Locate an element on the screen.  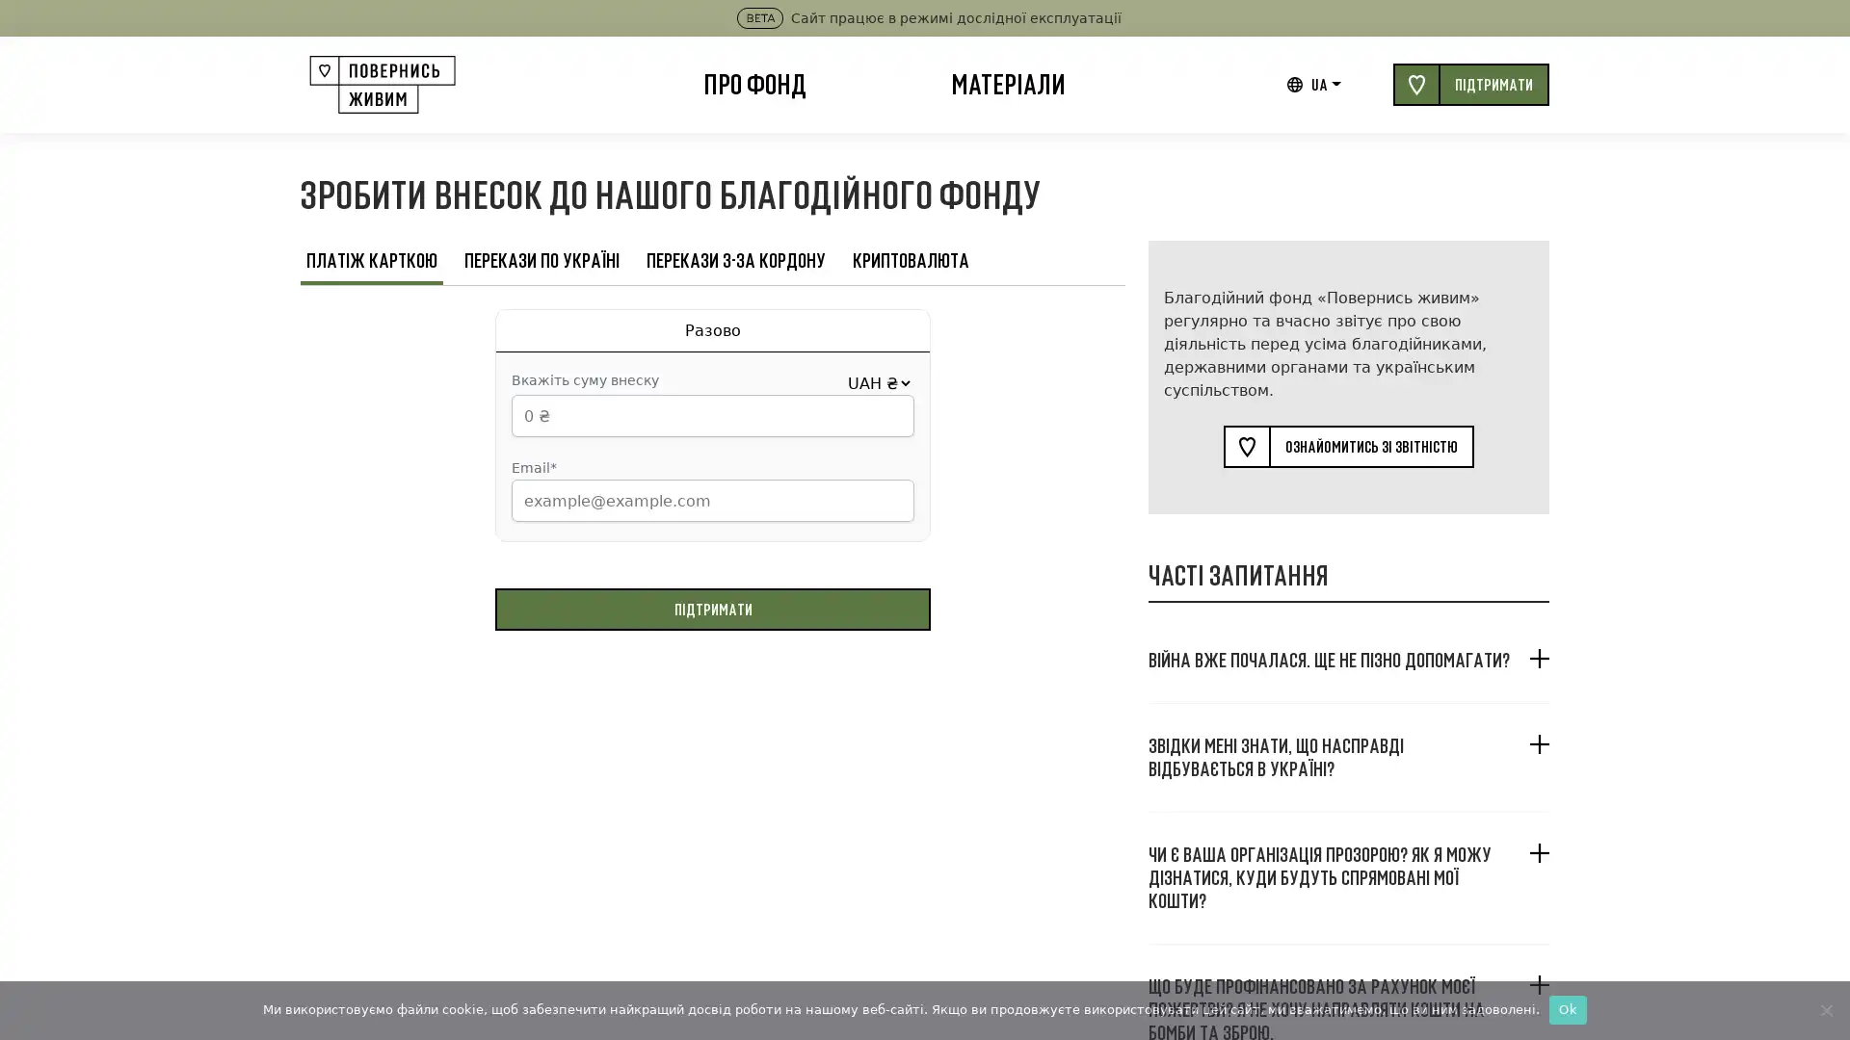
.    ? is located at coordinates (1348, 659).